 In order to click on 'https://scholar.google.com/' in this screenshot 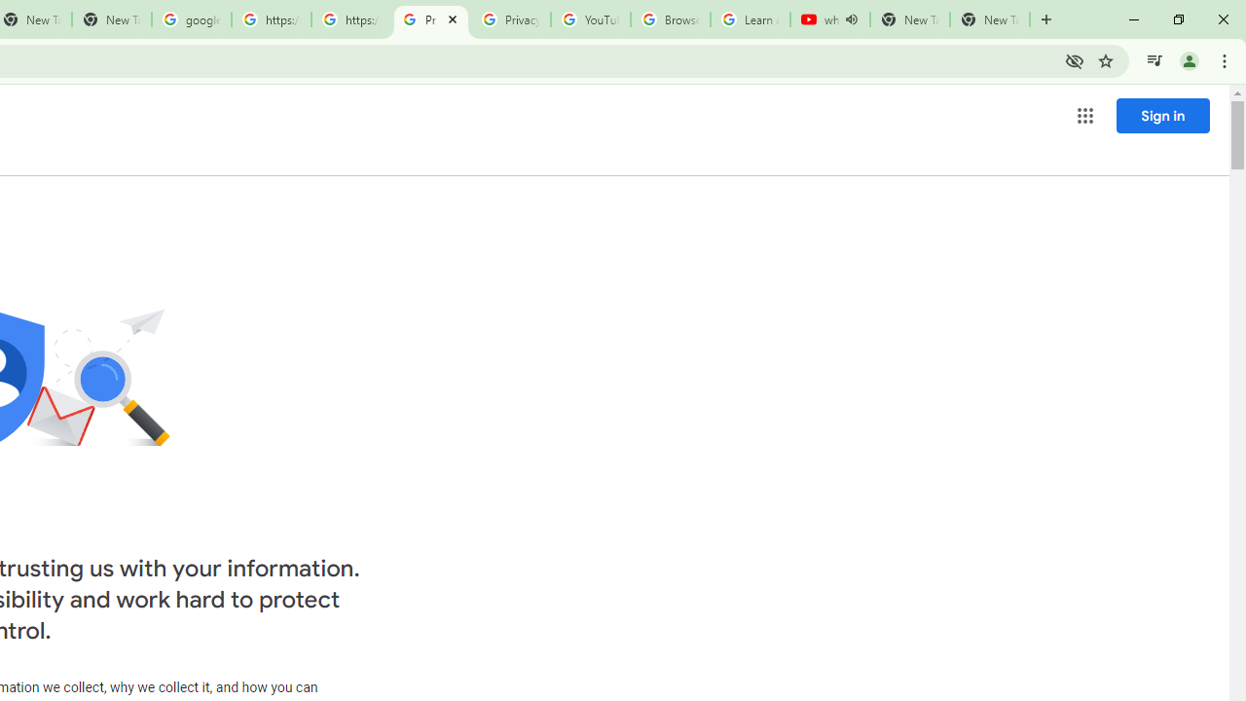, I will do `click(271, 19)`.